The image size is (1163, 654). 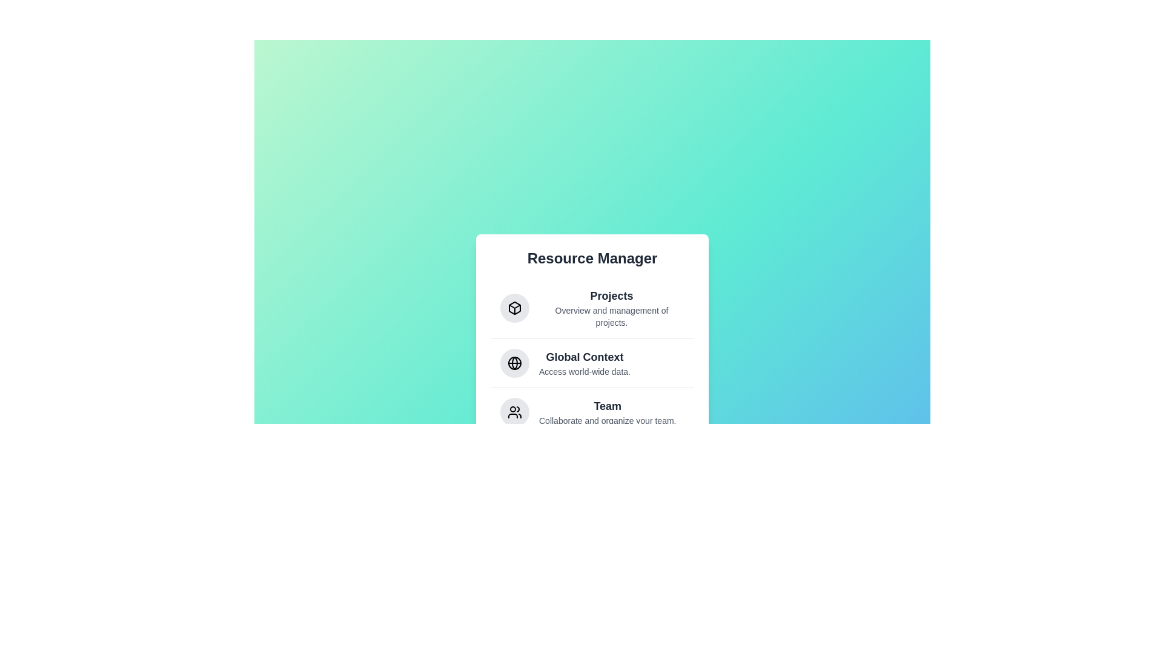 What do you see at coordinates (592, 362) in the screenshot?
I see `the menu item Global Context to reveal additional information` at bounding box center [592, 362].